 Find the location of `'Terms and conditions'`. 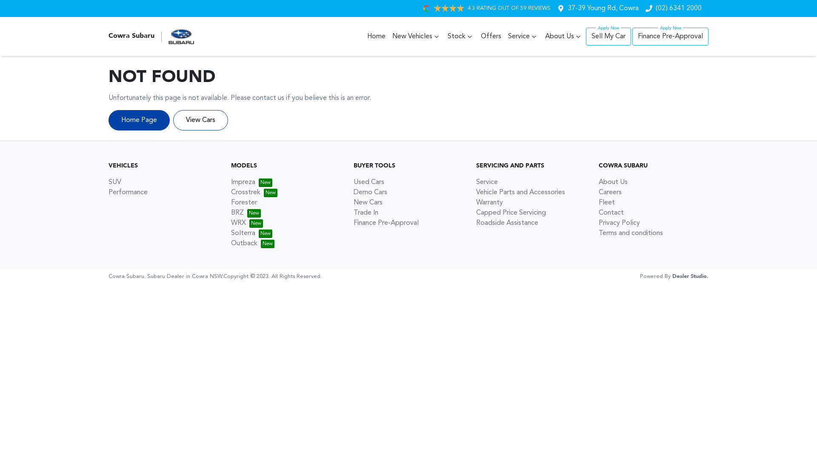

'Terms and conditions' is located at coordinates (631, 233).